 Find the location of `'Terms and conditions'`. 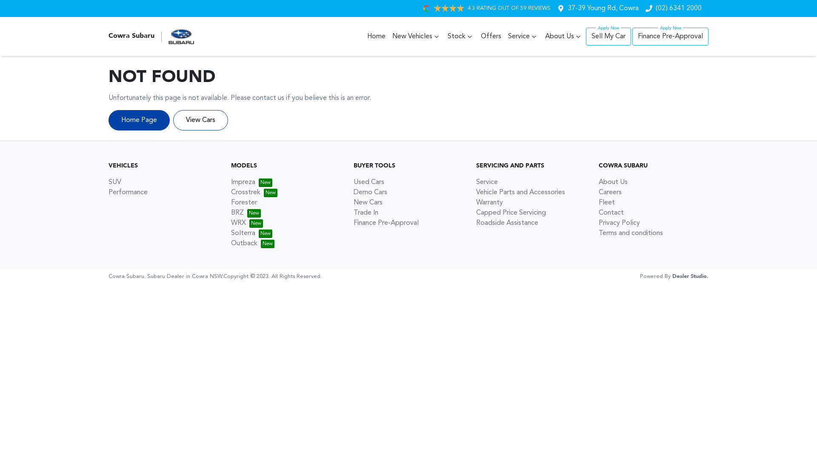

'Terms and conditions' is located at coordinates (631, 233).